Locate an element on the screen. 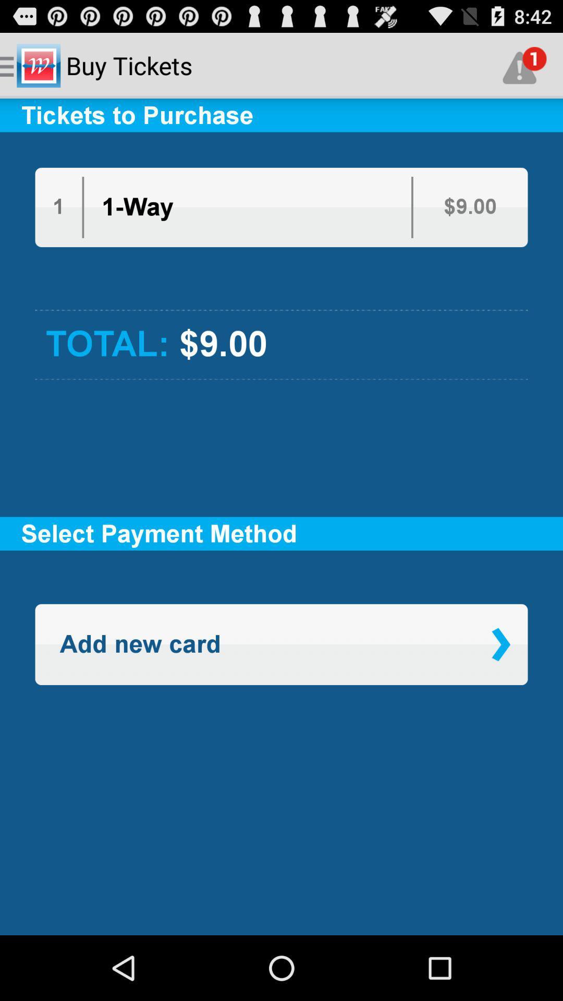  select payment method app is located at coordinates (281, 533).